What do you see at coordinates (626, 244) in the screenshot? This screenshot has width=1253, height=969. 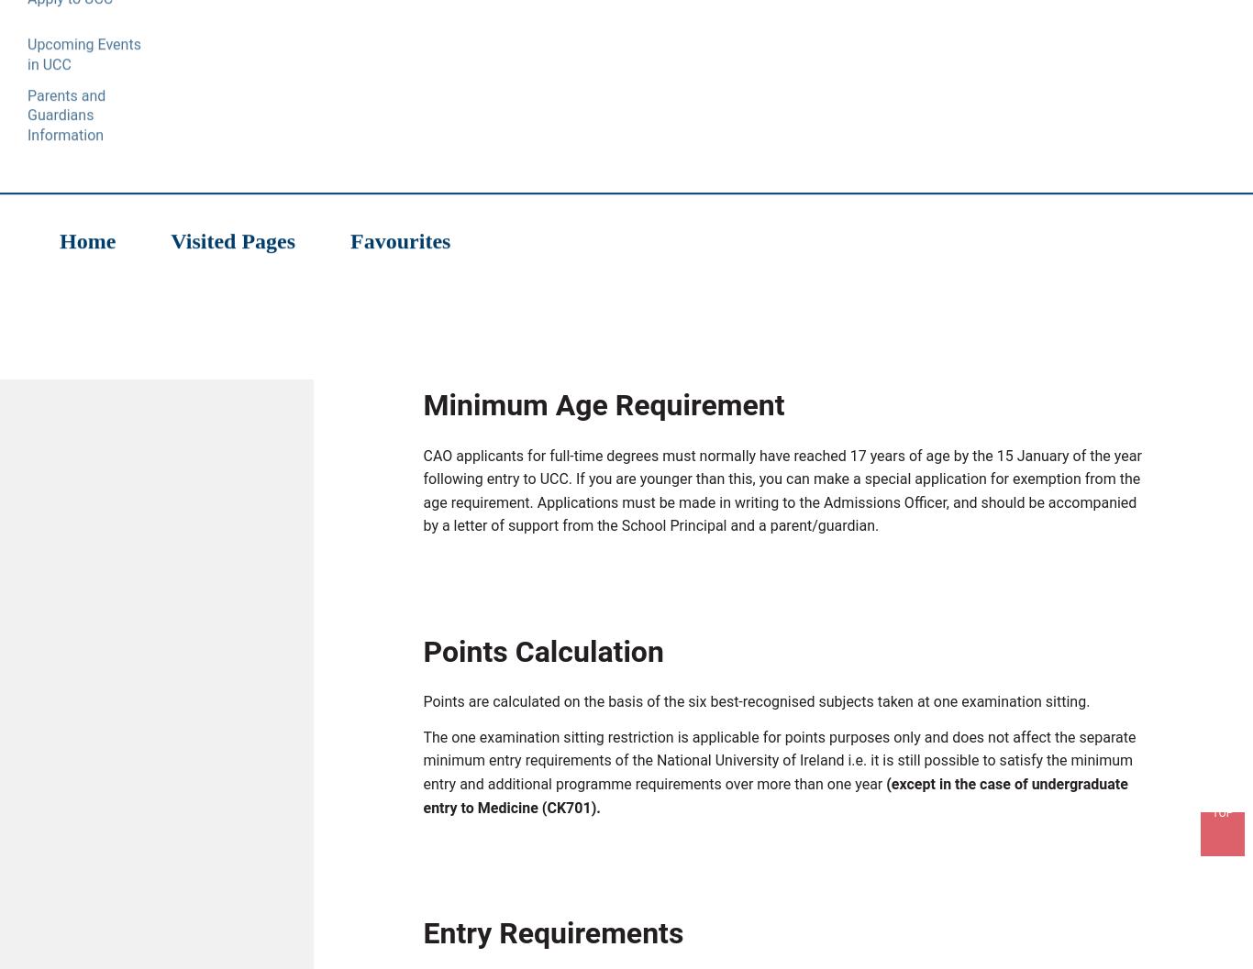 I see `'CK114 Social Science - Youth and Community Work'` at bounding box center [626, 244].